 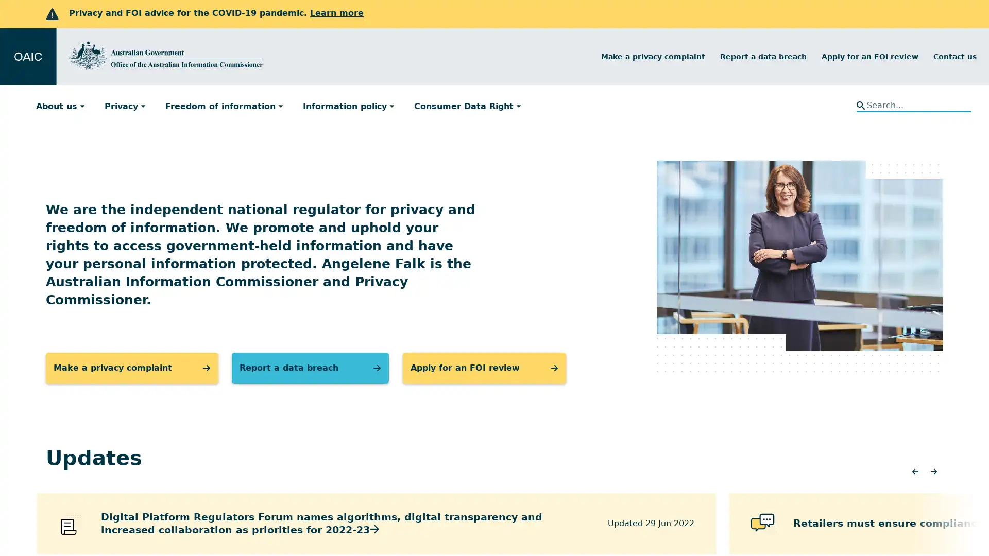 What do you see at coordinates (146, 106) in the screenshot?
I see `Open sub menu for Privacy` at bounding box center [146, 106].